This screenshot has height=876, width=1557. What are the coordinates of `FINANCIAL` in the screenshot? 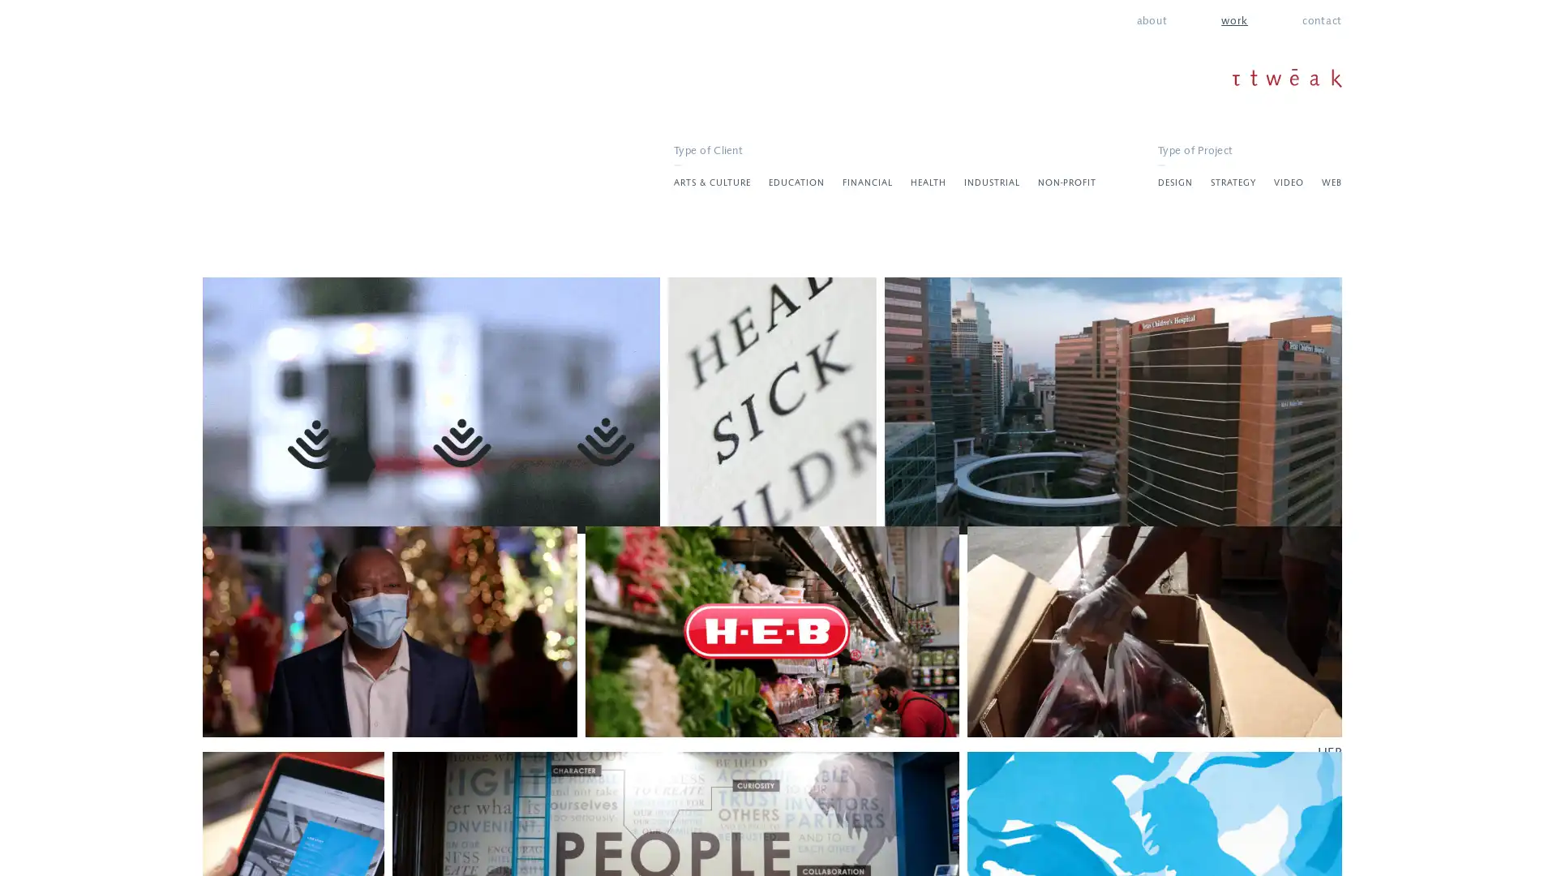 It's located at (867, 182).